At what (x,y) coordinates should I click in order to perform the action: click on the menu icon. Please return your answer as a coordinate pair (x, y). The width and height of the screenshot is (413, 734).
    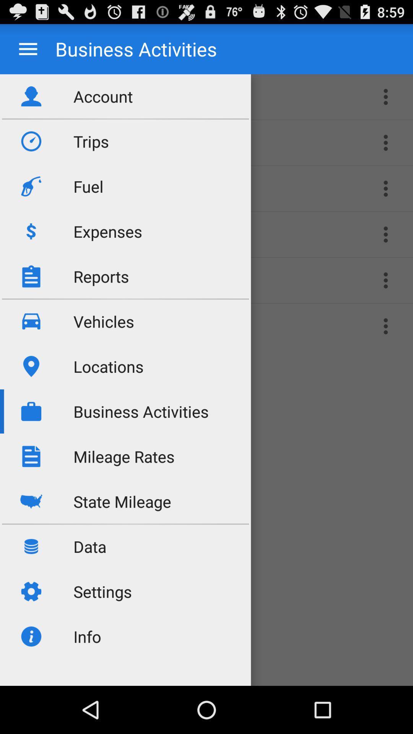
    Looking at the image, I should click on (28, 52).